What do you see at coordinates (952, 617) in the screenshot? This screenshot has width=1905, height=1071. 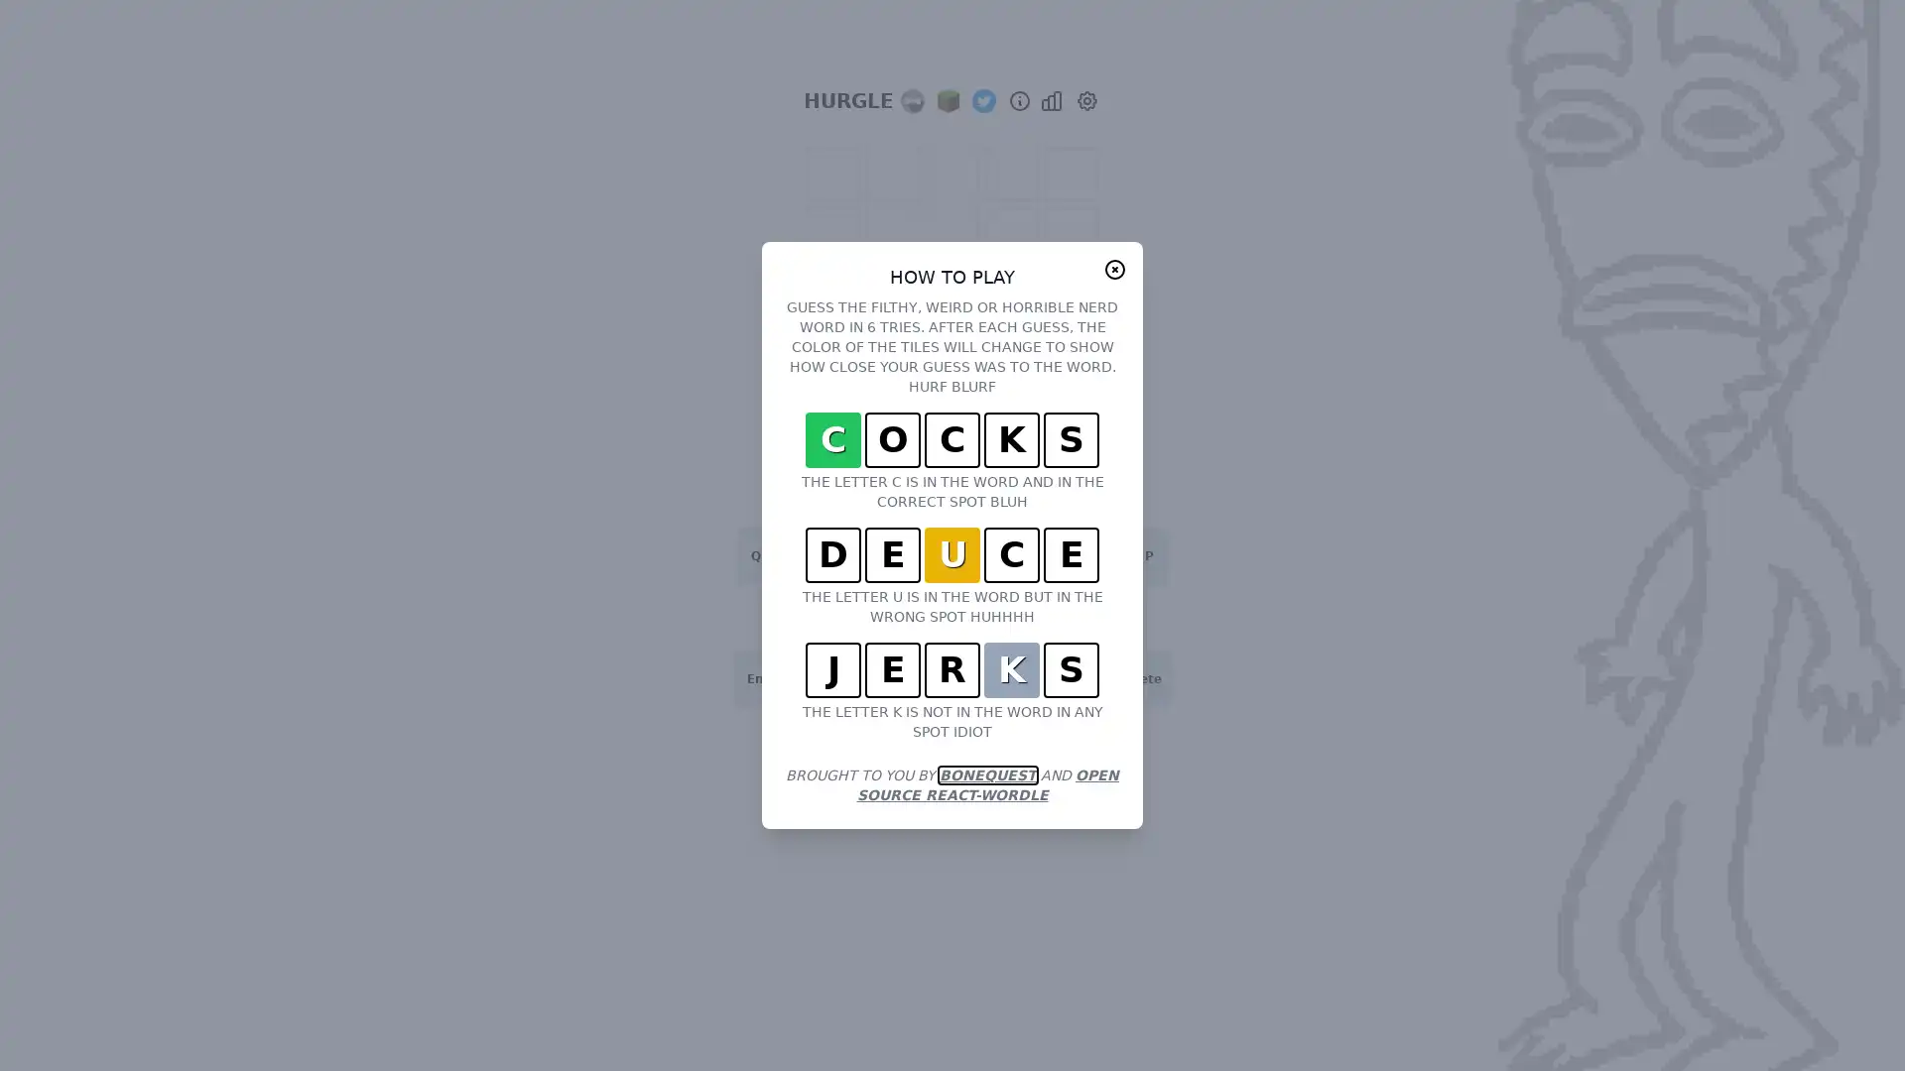 I see `G` at bounding box center [952, 617].